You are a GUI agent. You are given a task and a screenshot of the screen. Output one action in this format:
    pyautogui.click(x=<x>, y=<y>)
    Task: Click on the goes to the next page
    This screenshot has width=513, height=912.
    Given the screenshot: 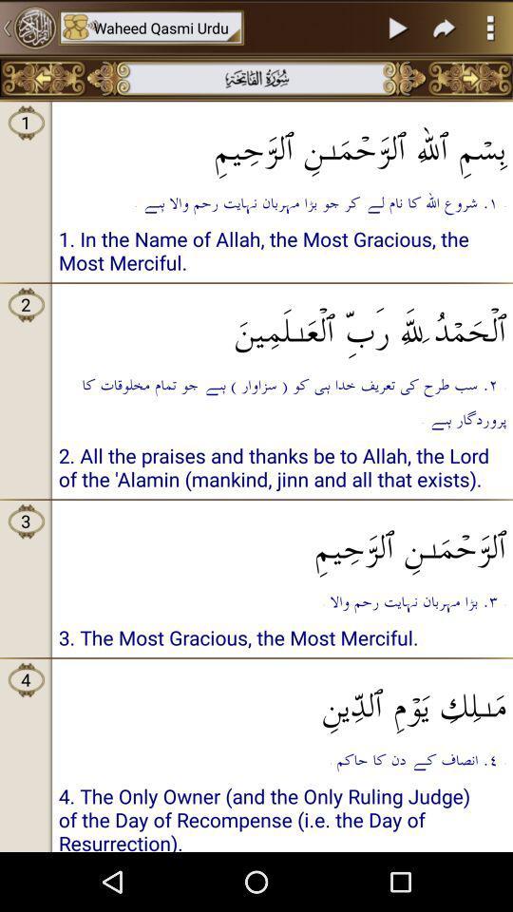 What is the action you would take?
    pyautogui.click(x=468, y=78)
    